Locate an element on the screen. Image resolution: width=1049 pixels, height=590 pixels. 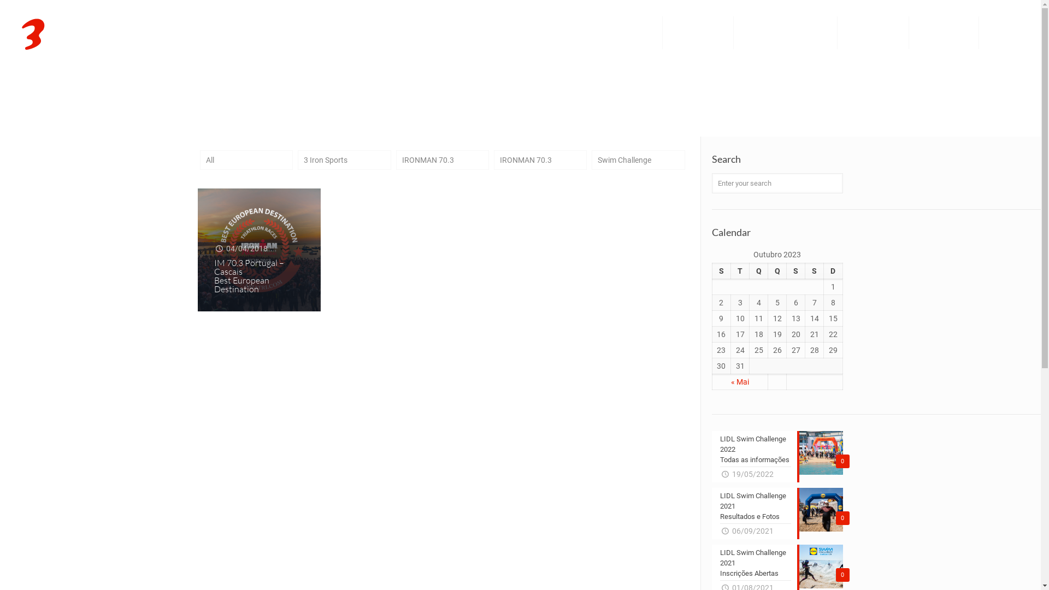
'STAND UP PADDLE' is located at coordinates (873, 32).